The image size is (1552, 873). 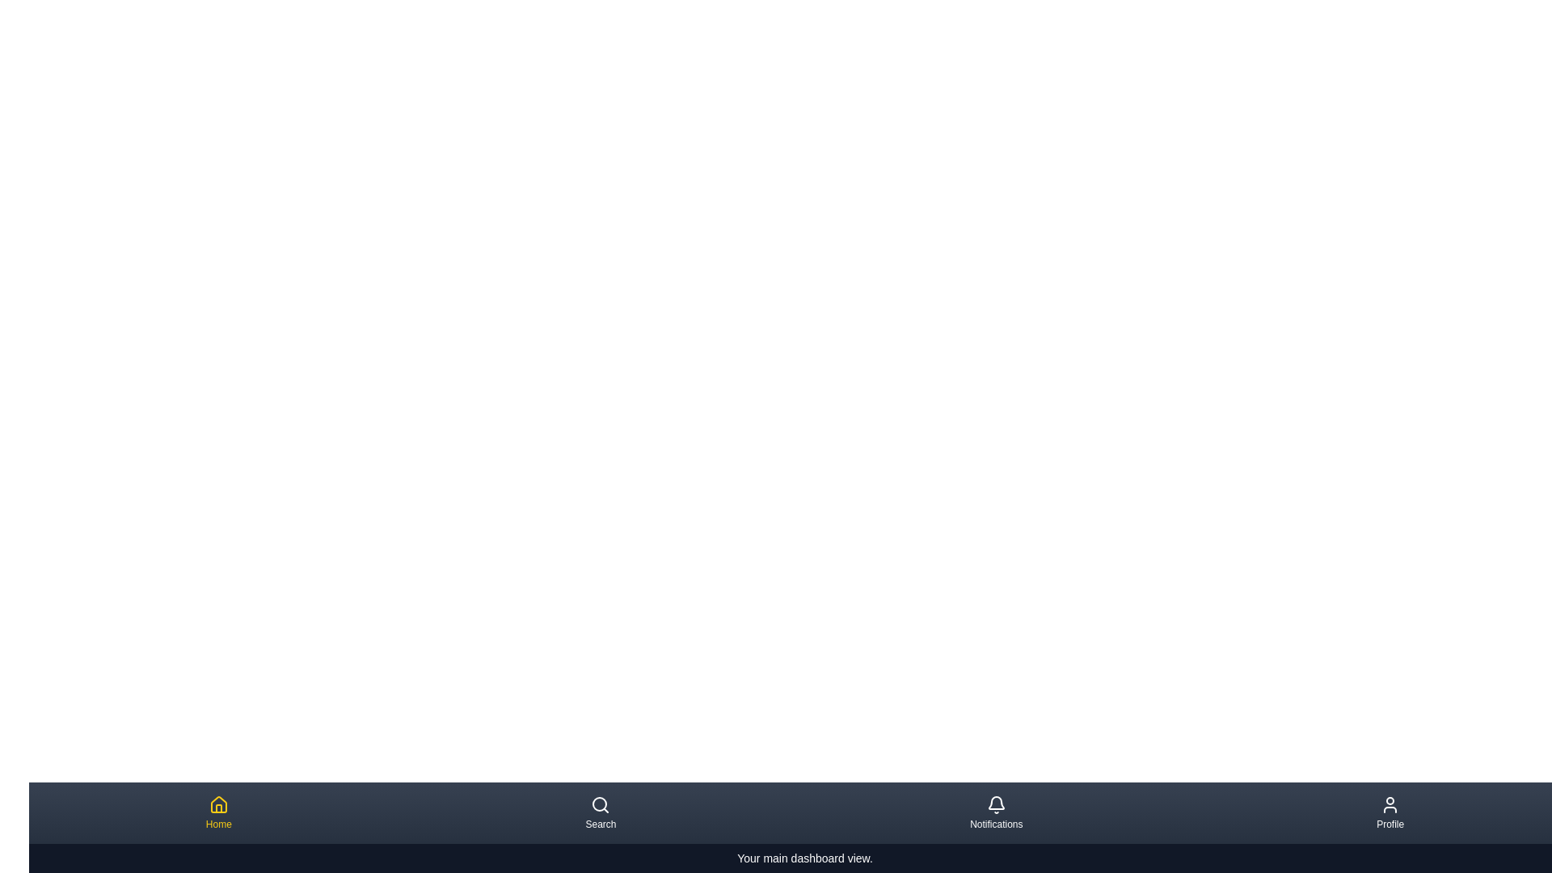 What do you see at coordinates (995, 813) in the screenshot?
I see `the navigation item Notifications by clicking on its button` at bounding box center [995, 813].